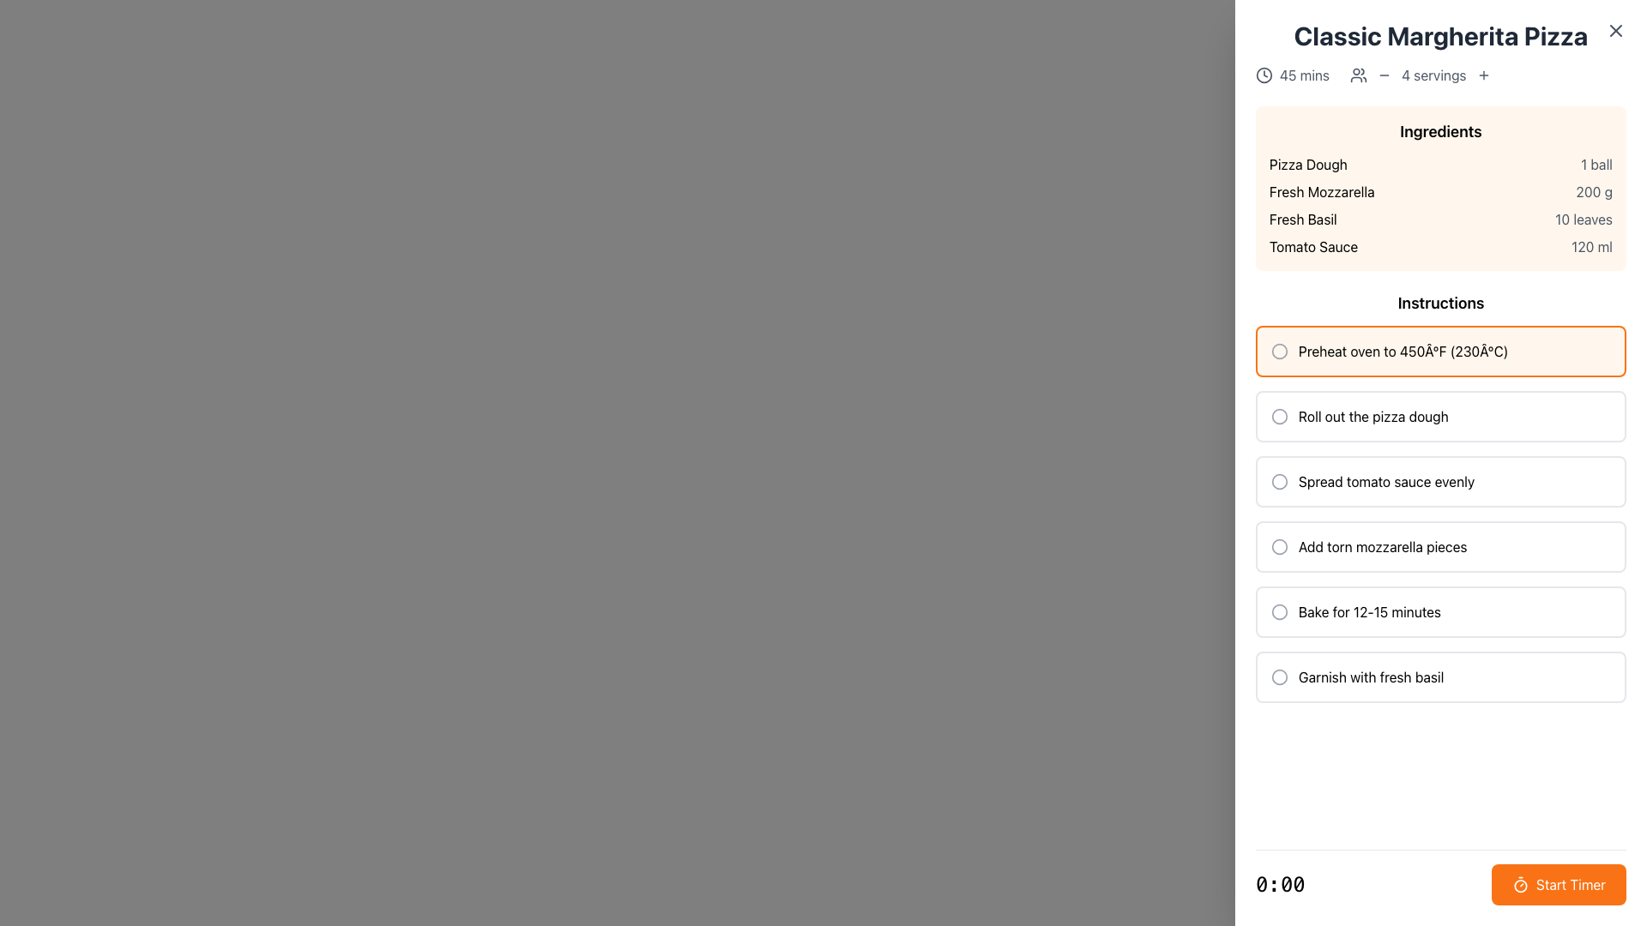 The width and height of the screenshot is (1647, 926). What do you see at coordinates (1264, 75) in the screenshot?
I see `the outer circle of the clock icon, which is positioned at the top-left of the recipe panel, to interact with the time indication feature` at bounding box center [1264, 75].